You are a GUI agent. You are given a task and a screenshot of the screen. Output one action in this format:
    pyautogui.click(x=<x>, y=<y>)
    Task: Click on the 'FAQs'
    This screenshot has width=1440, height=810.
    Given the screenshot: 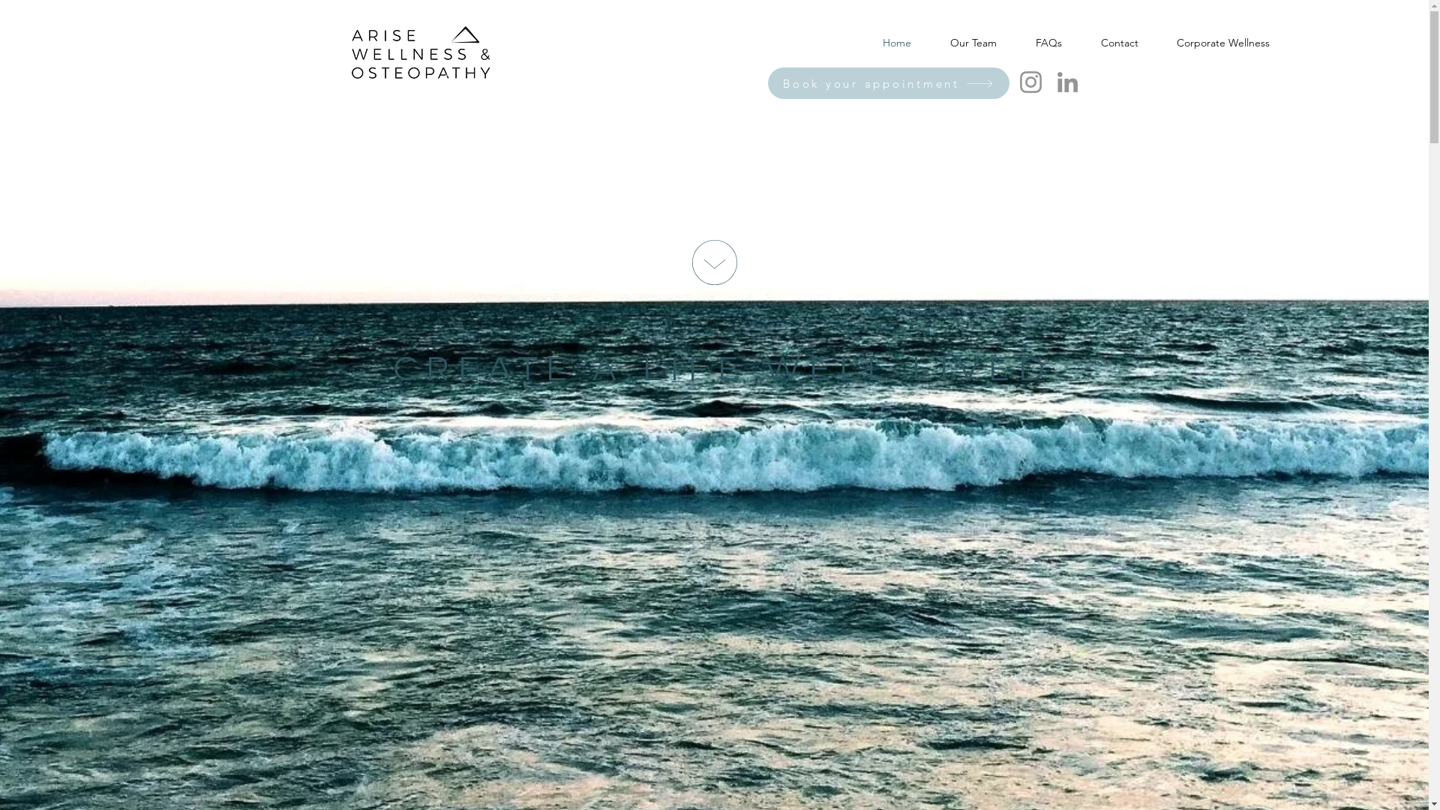 What is the action you would take?
    pyautogui.click(x=1048, y=42)
    